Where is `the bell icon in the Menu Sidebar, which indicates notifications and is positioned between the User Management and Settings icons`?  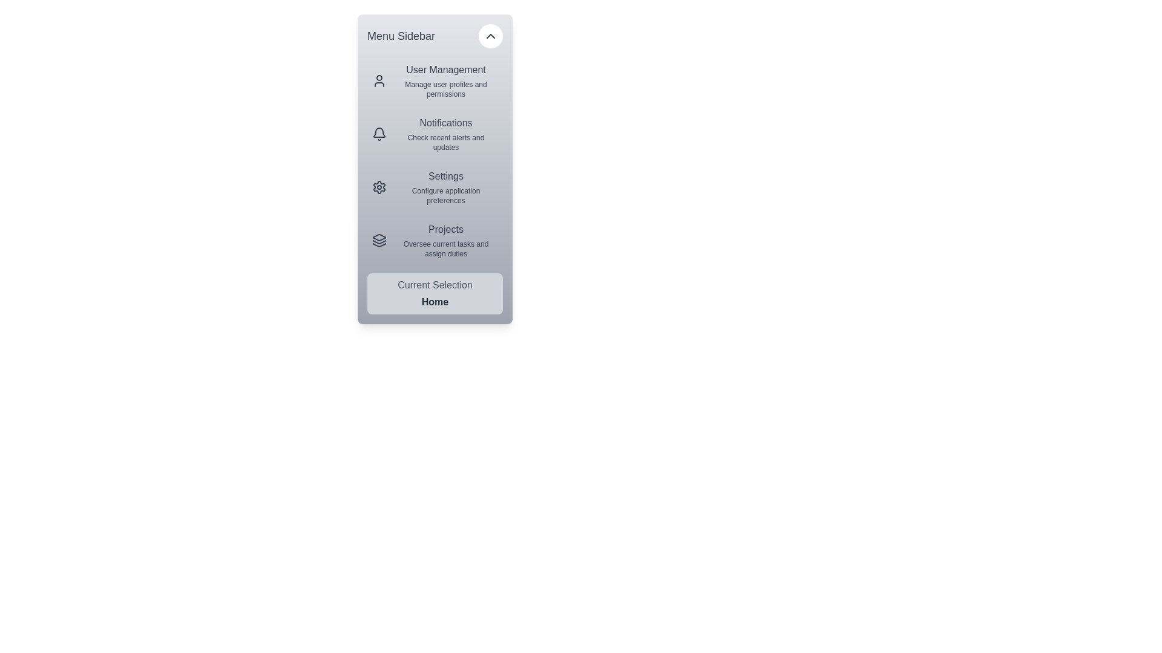 the bell icon in the Menu Sidebar, which indicates notifications and is positioned between the User Management and Settings icons is located at coordinates (379, 132).